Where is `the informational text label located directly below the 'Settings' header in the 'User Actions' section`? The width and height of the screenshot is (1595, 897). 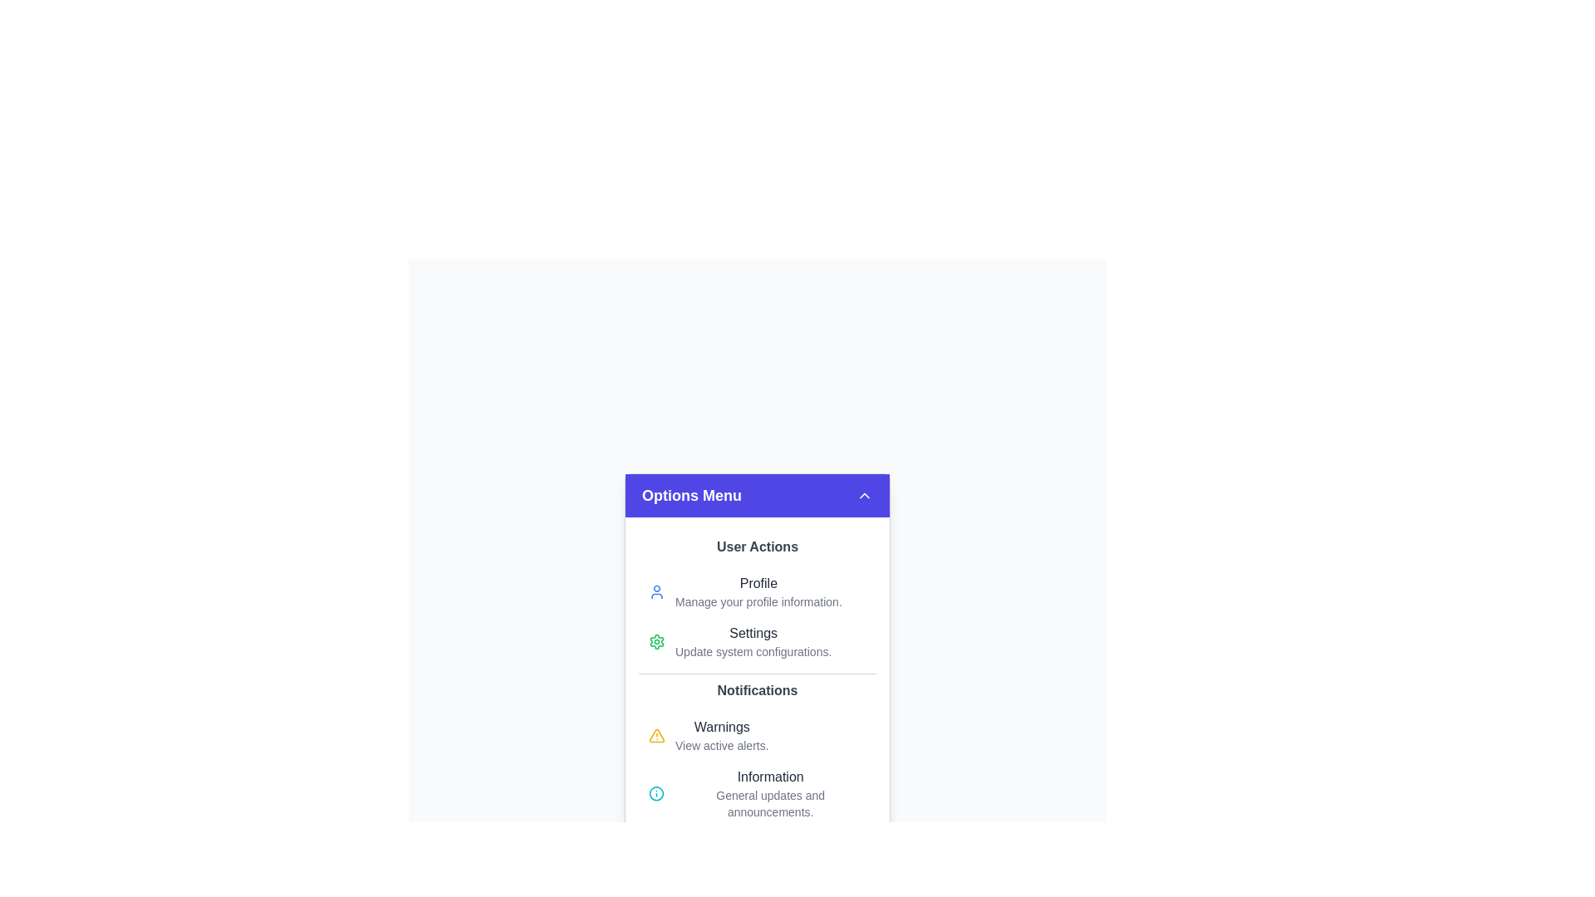 the informational text label located directly below the 'Settings' header in the 'User Actions' section is located at coordinates (753, 651).